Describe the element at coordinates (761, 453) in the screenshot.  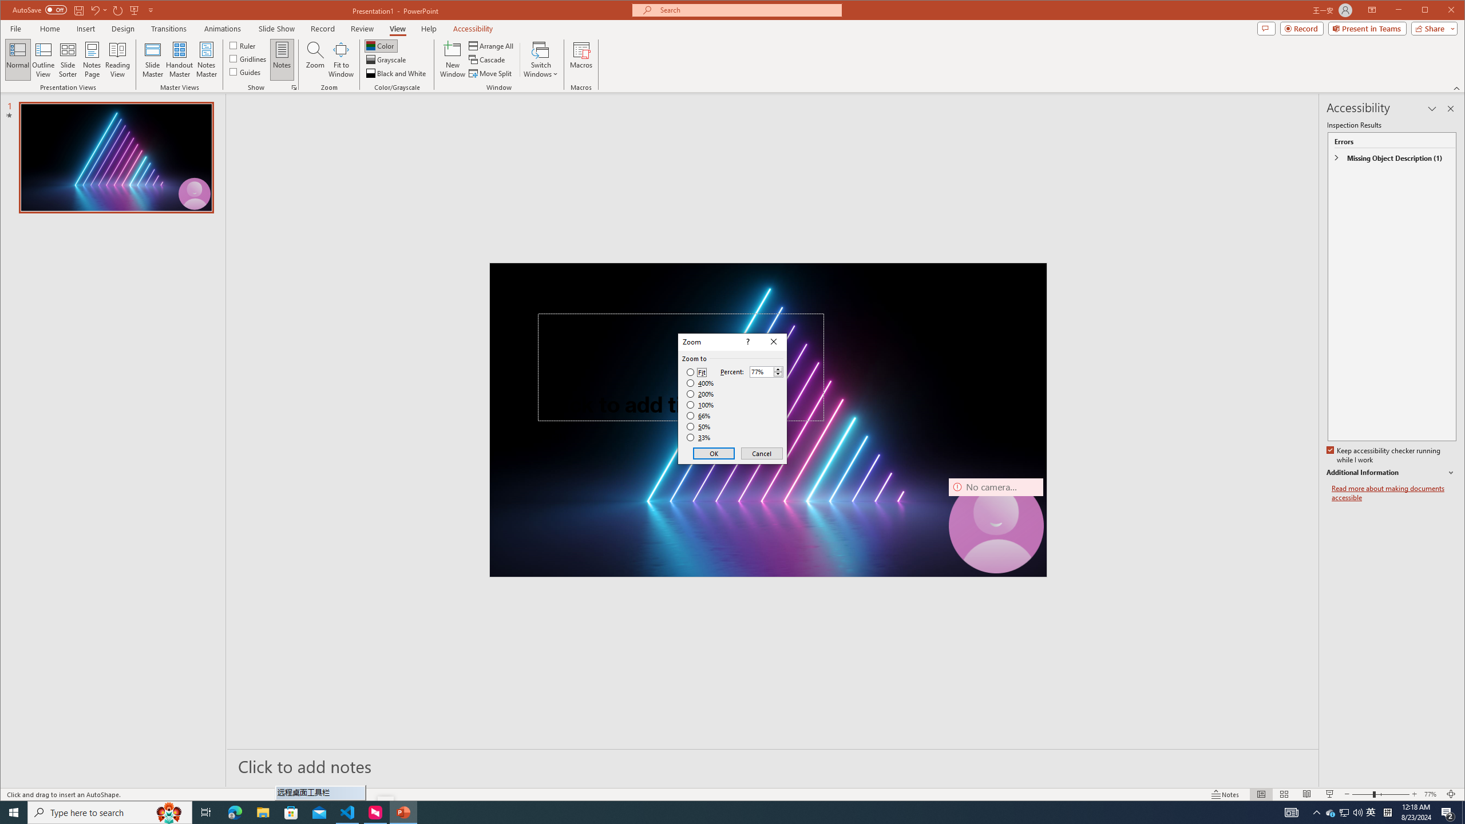
I see `'Cancel'` at that location.